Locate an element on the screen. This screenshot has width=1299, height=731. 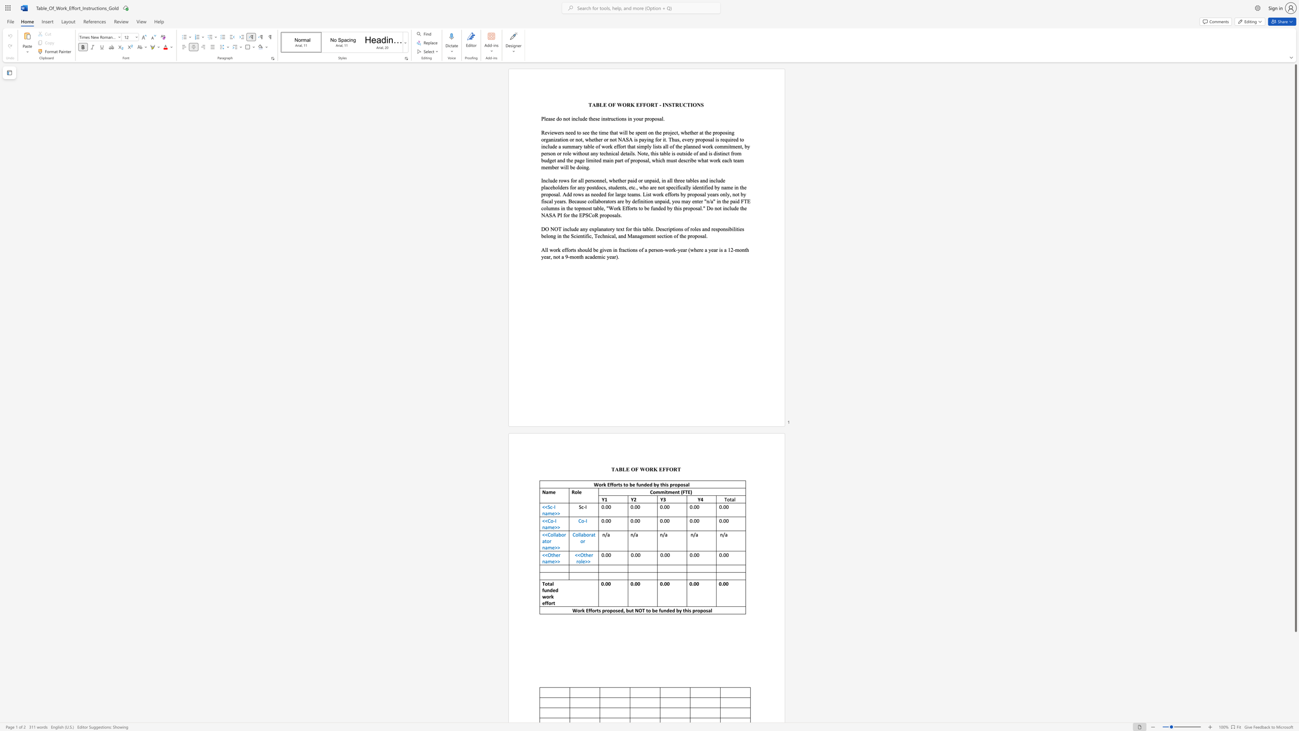
the vertical scrollbar to lower the page content is located at coordinates (1295, 680).